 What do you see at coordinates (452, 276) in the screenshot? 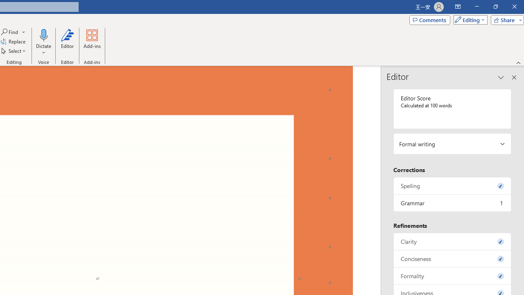
I see `'Formality, 0 issues. Press space or enter to review items.'` at bounding box center [452, 276].